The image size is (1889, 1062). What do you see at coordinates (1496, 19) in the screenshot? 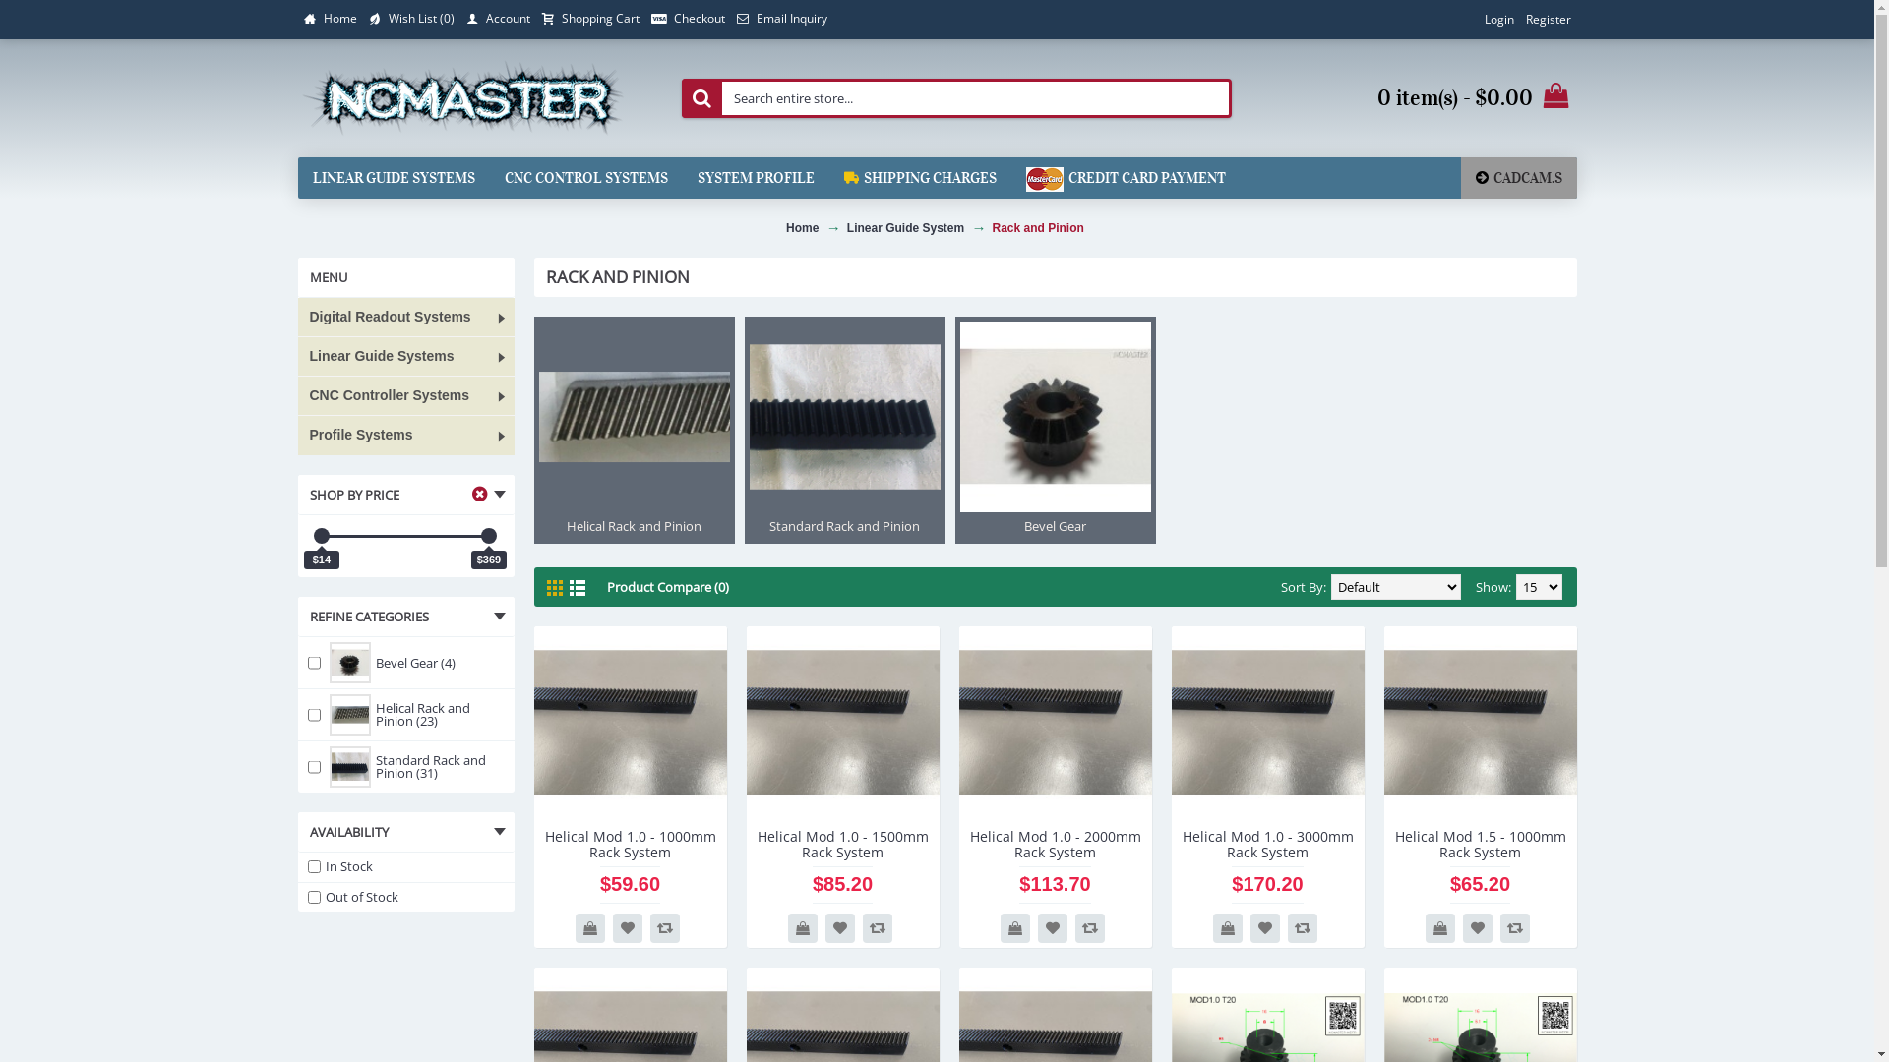
I see `'Login'` at bounding box center [1496, 19].